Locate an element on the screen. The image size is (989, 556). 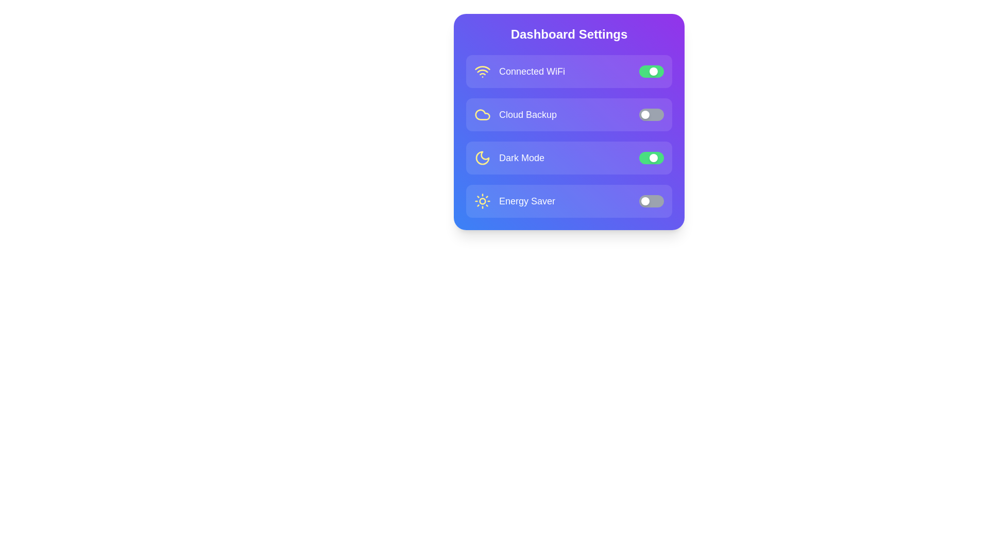
the setting Connected WiFi by clicking its toggle button is located at coordinates (651, 71).